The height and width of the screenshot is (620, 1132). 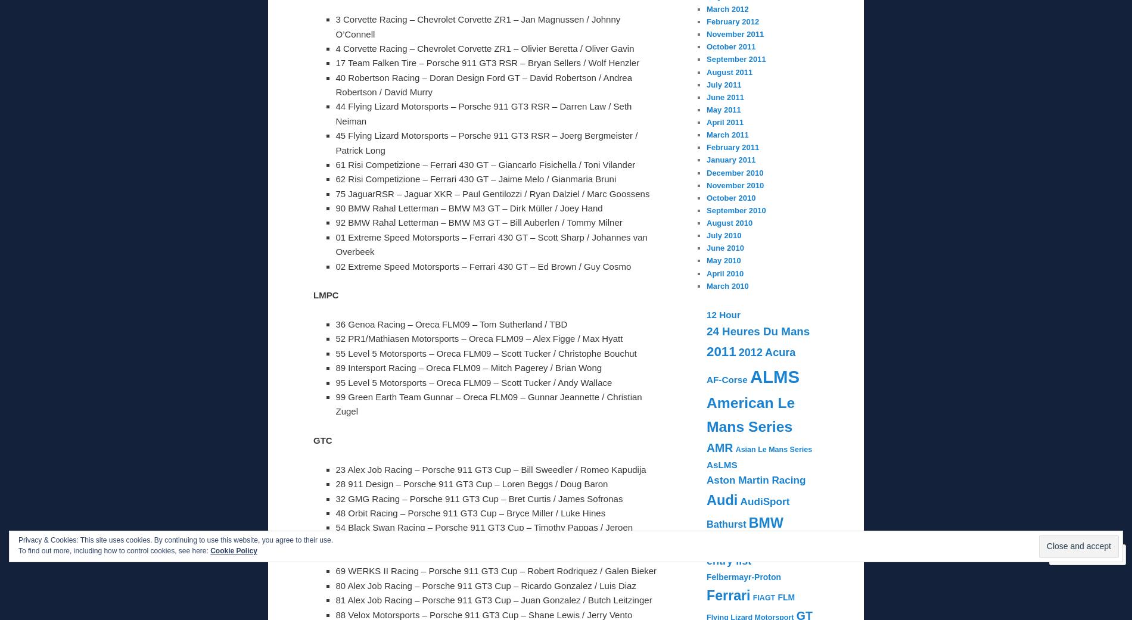 What do you see at coordinates (732, 147) in the screenshot?
I see `'February 2011'` at bounding box center [732, 147].